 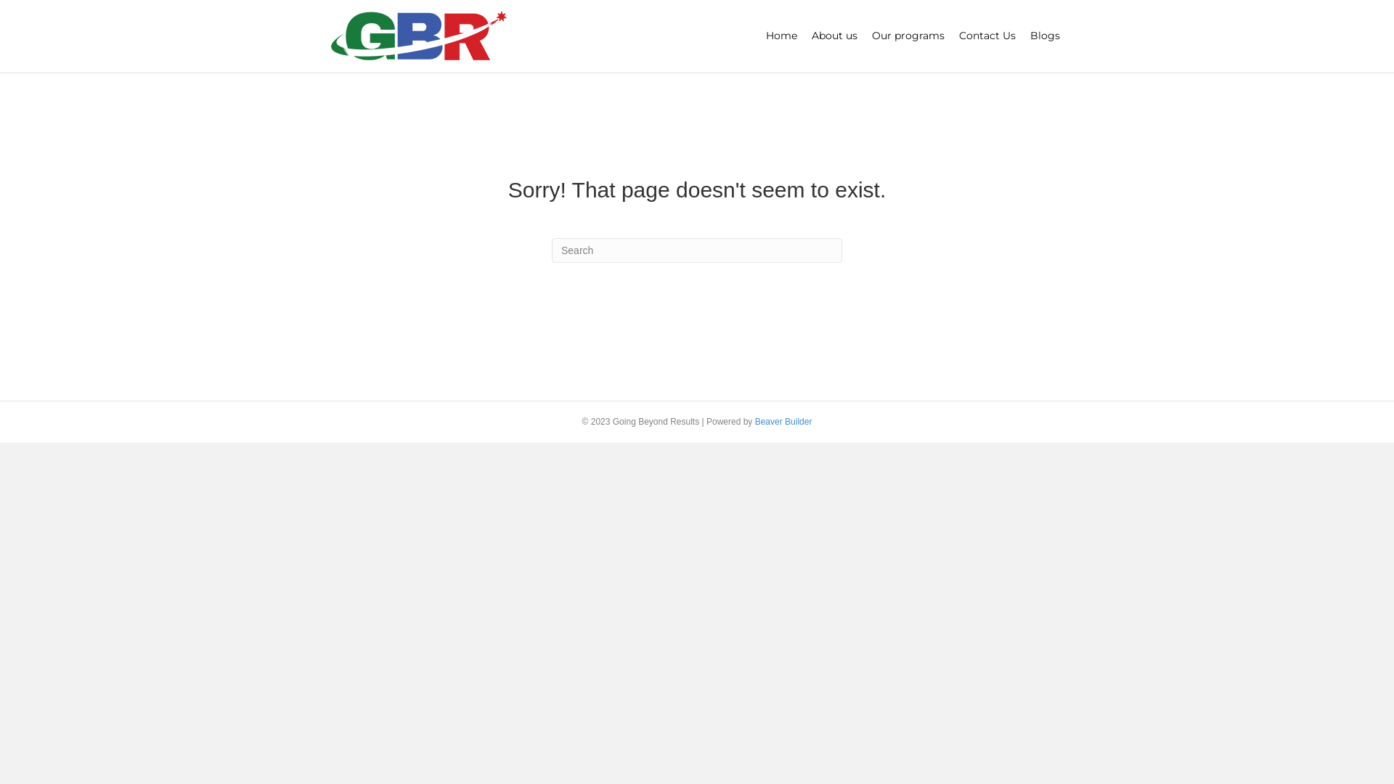 What do you see at coordinates (755, 422) in the screenshot?
I see `'Beaver Builder'` at bounding box center [755, 422].